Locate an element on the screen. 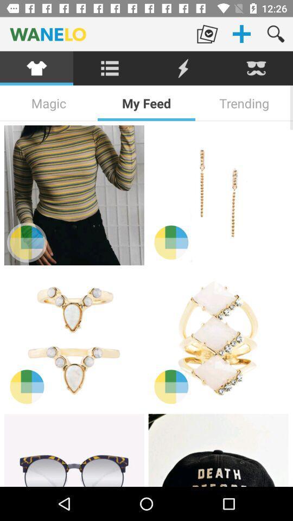 This screenshot has height=521, width=293. cap is located at coordinates (218, 450).